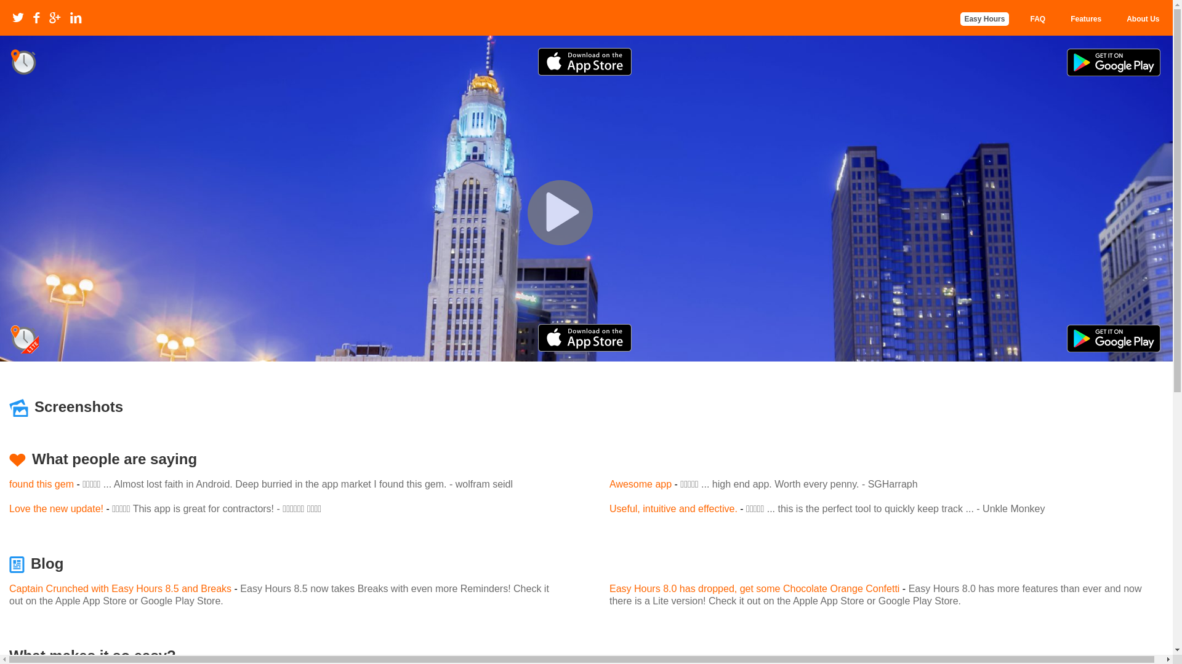  I want to click on 'FAQ', so click(1030, 18).